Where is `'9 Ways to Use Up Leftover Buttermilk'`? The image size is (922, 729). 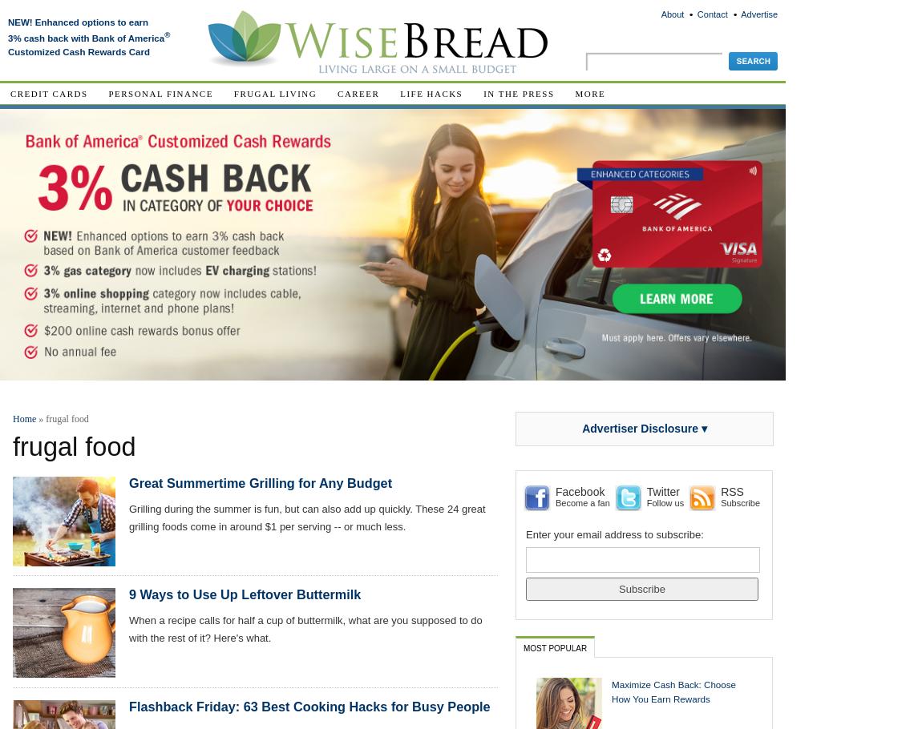 '9 Ways to Use Up Leftover Buttermilk' is located at coordinates (245, 594).